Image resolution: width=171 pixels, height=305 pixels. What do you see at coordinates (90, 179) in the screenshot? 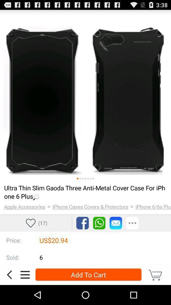
I see `the sixth image` at bounding box center [90, 179].